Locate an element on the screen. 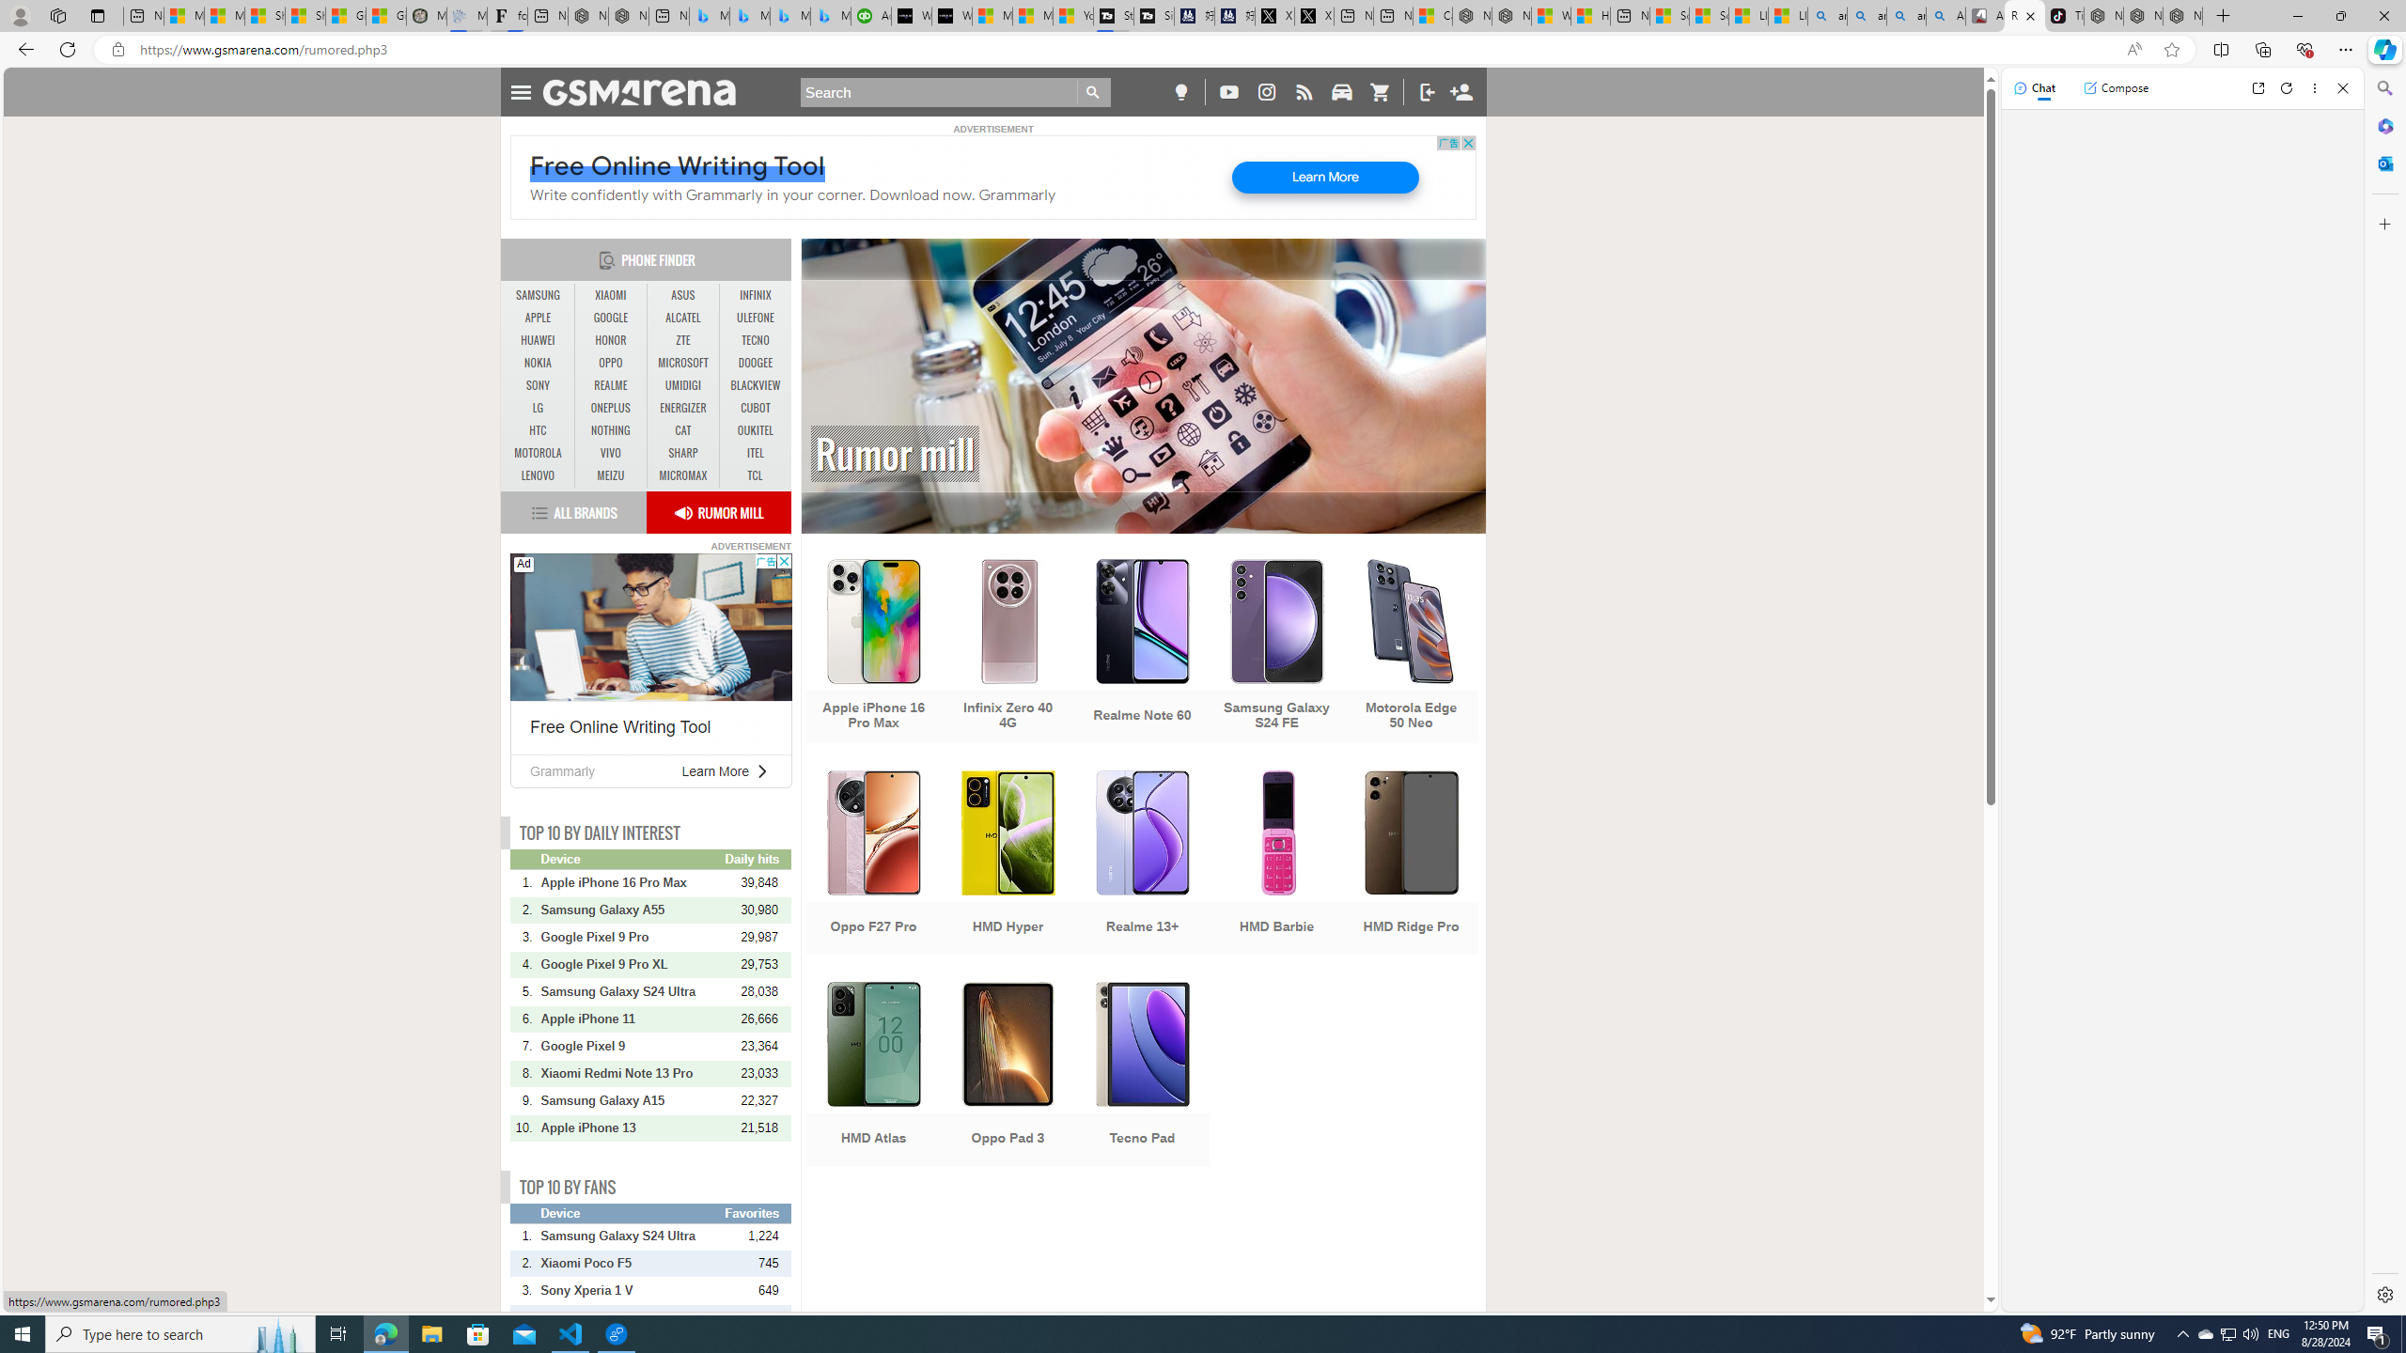 The image size is (2406, 1353). 'BLACKVIEW' is located at coordinates (755, 384).